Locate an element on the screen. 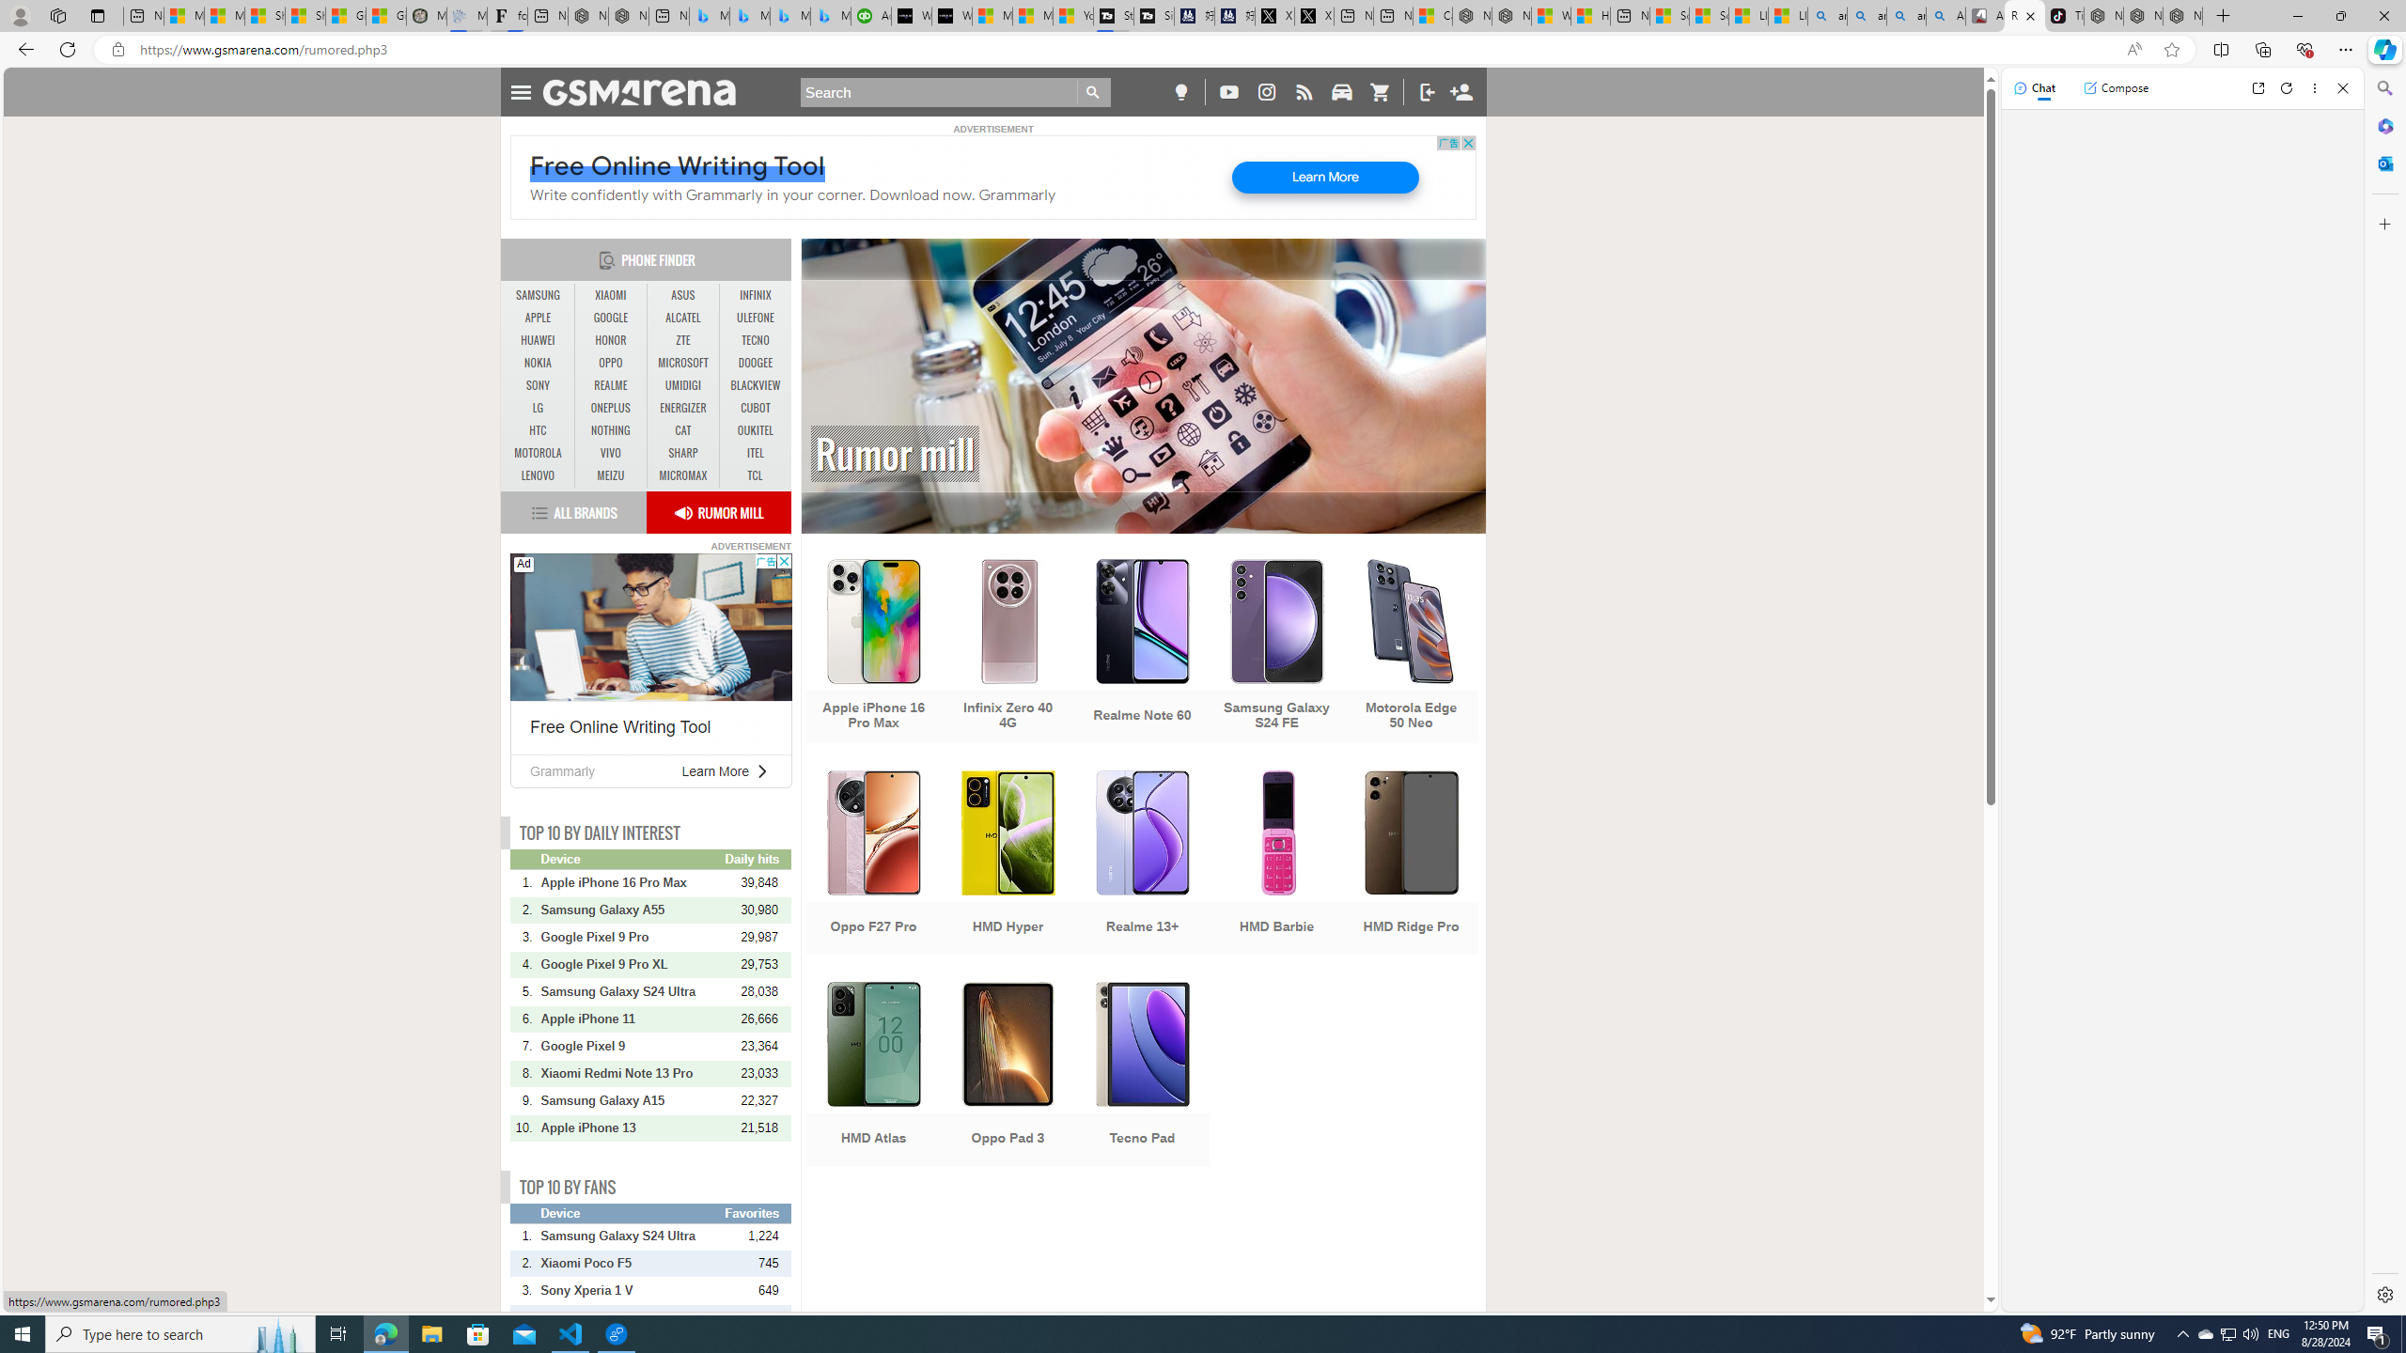 The image size is (2406, 1353). 'BLACKVIEW' is located at coordinates (755, 384).